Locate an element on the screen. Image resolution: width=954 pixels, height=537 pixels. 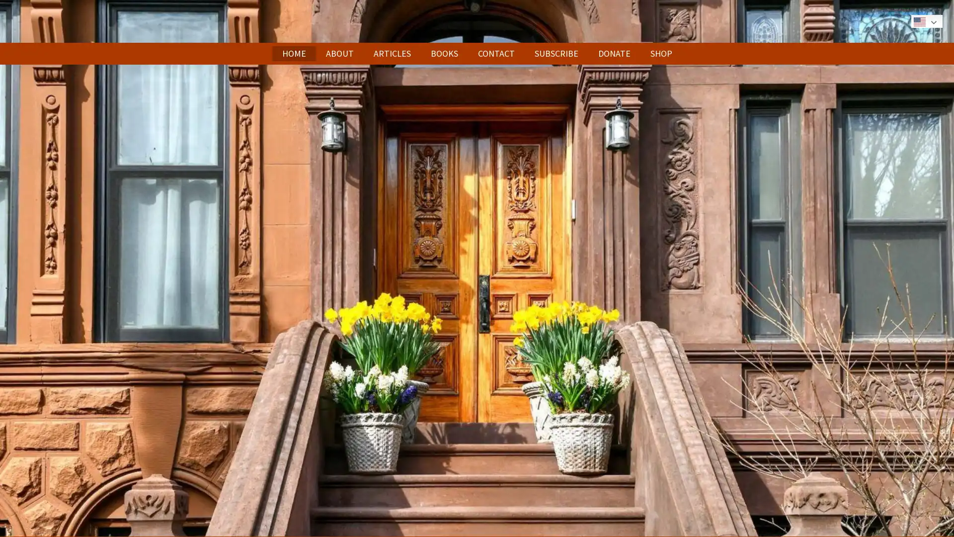
Menu Toggle is located at coordinates (903, 21).